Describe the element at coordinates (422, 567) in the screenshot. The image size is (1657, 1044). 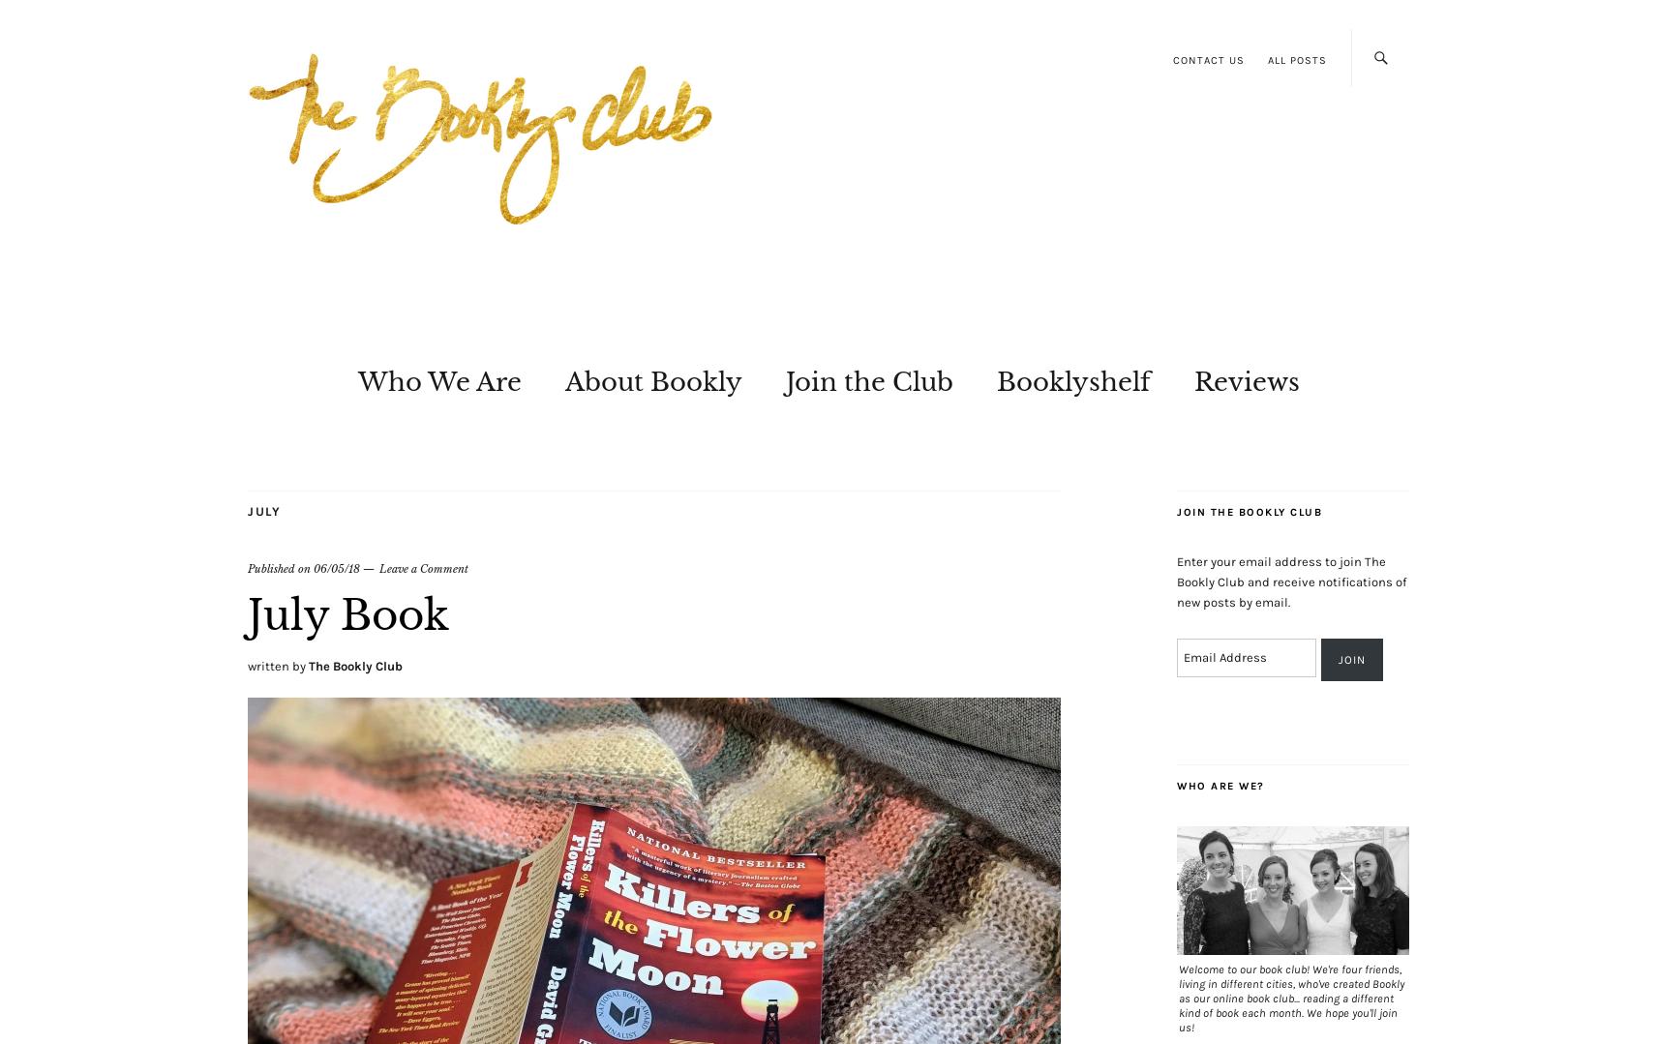
I see `'Leave a Comment'` at that location.